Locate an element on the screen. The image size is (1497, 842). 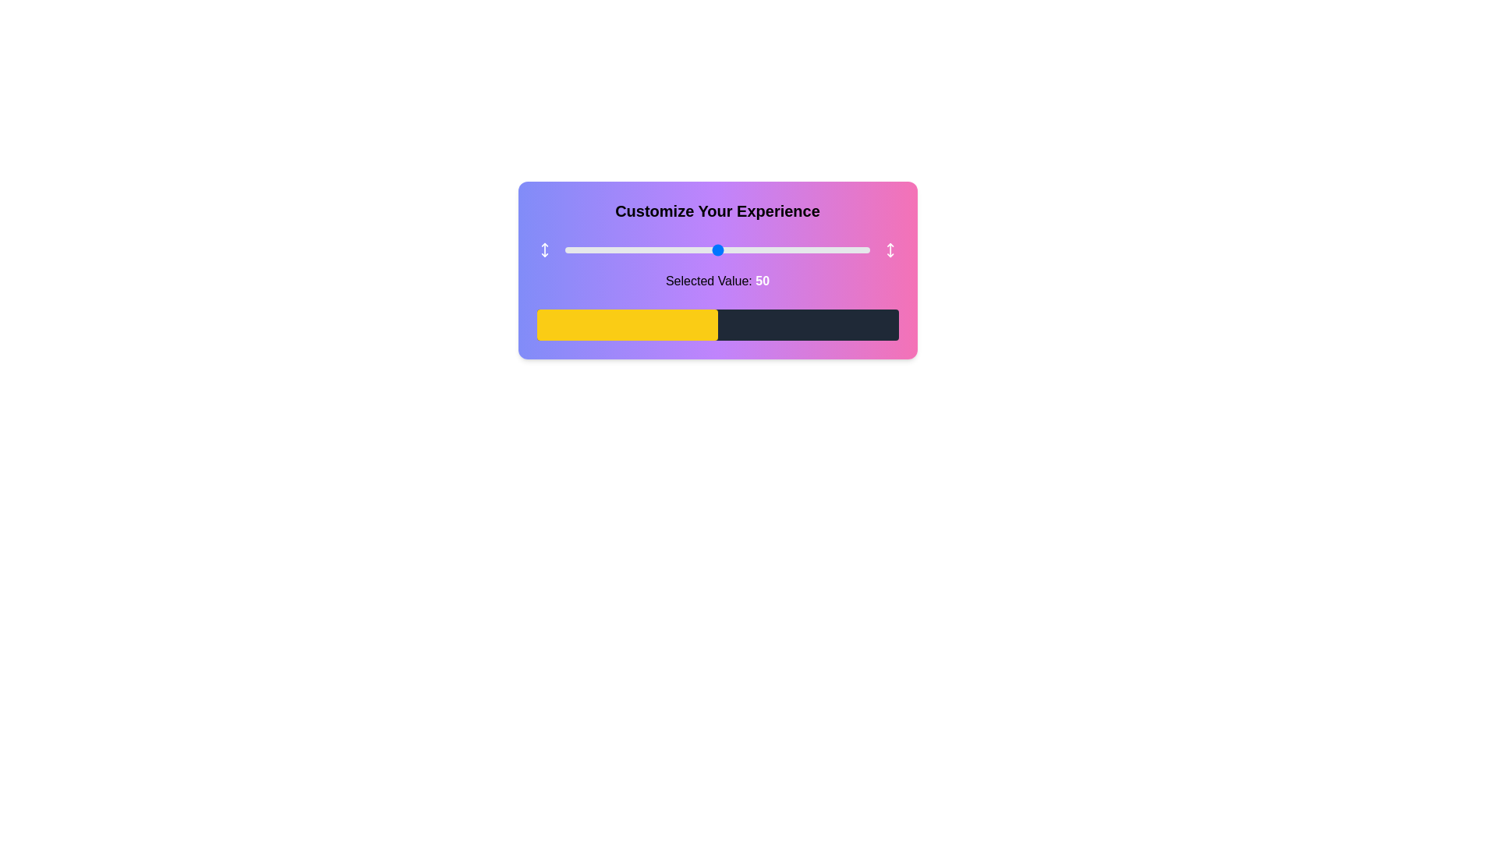
the slider to set its value to 65 is located at coordinates (763, 249).